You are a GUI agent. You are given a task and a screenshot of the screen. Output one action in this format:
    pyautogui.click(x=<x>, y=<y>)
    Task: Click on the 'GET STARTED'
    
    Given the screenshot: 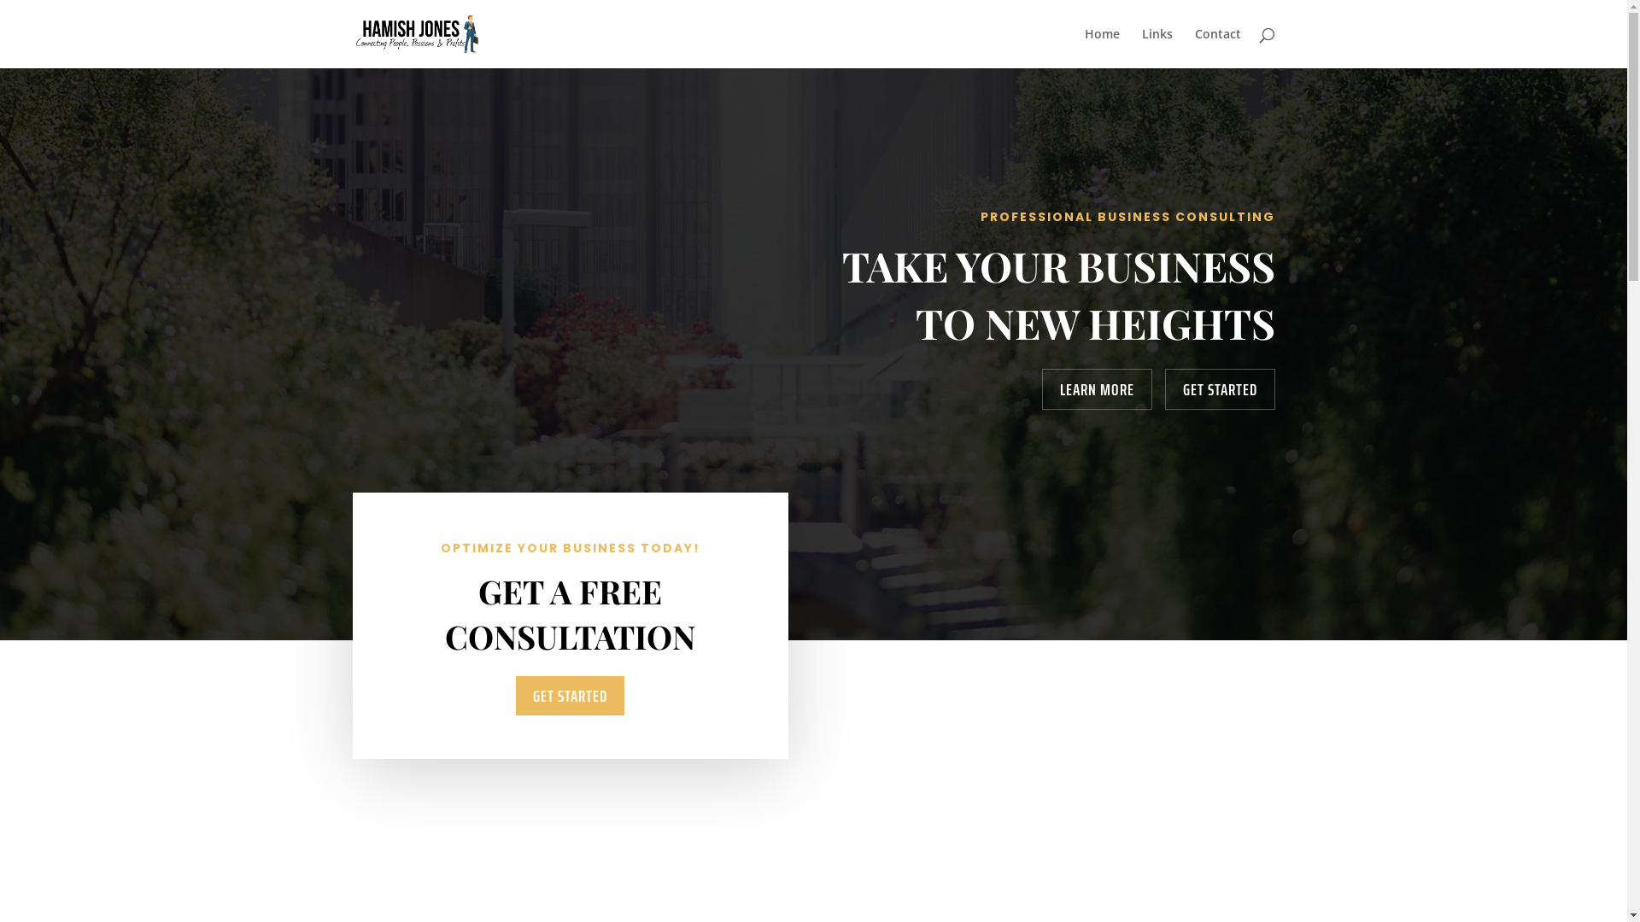 What is the action you would take?
    pyautogui.click(x=1219, y=388)
    